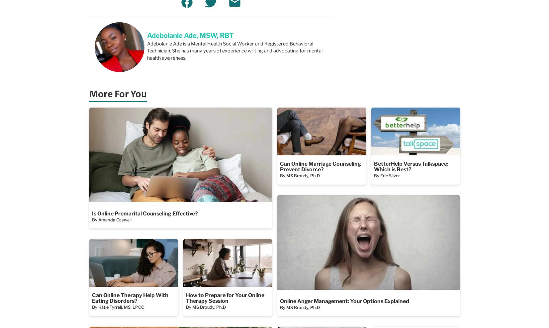 This screenshot has width=549, height=328. I want to click on 'Is Online Premarital Counseling Effective?', so click(91, 213).